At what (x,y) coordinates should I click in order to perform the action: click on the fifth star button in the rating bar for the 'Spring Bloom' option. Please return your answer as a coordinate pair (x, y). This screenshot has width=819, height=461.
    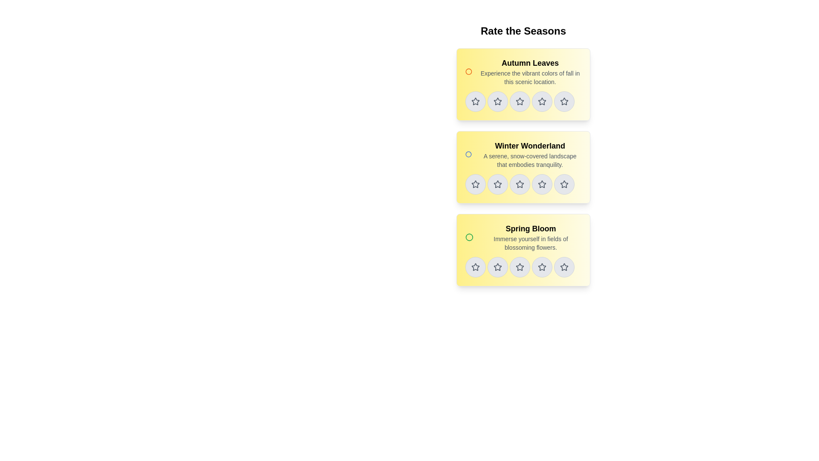
    Looking at the image, I should click on (564, 266).